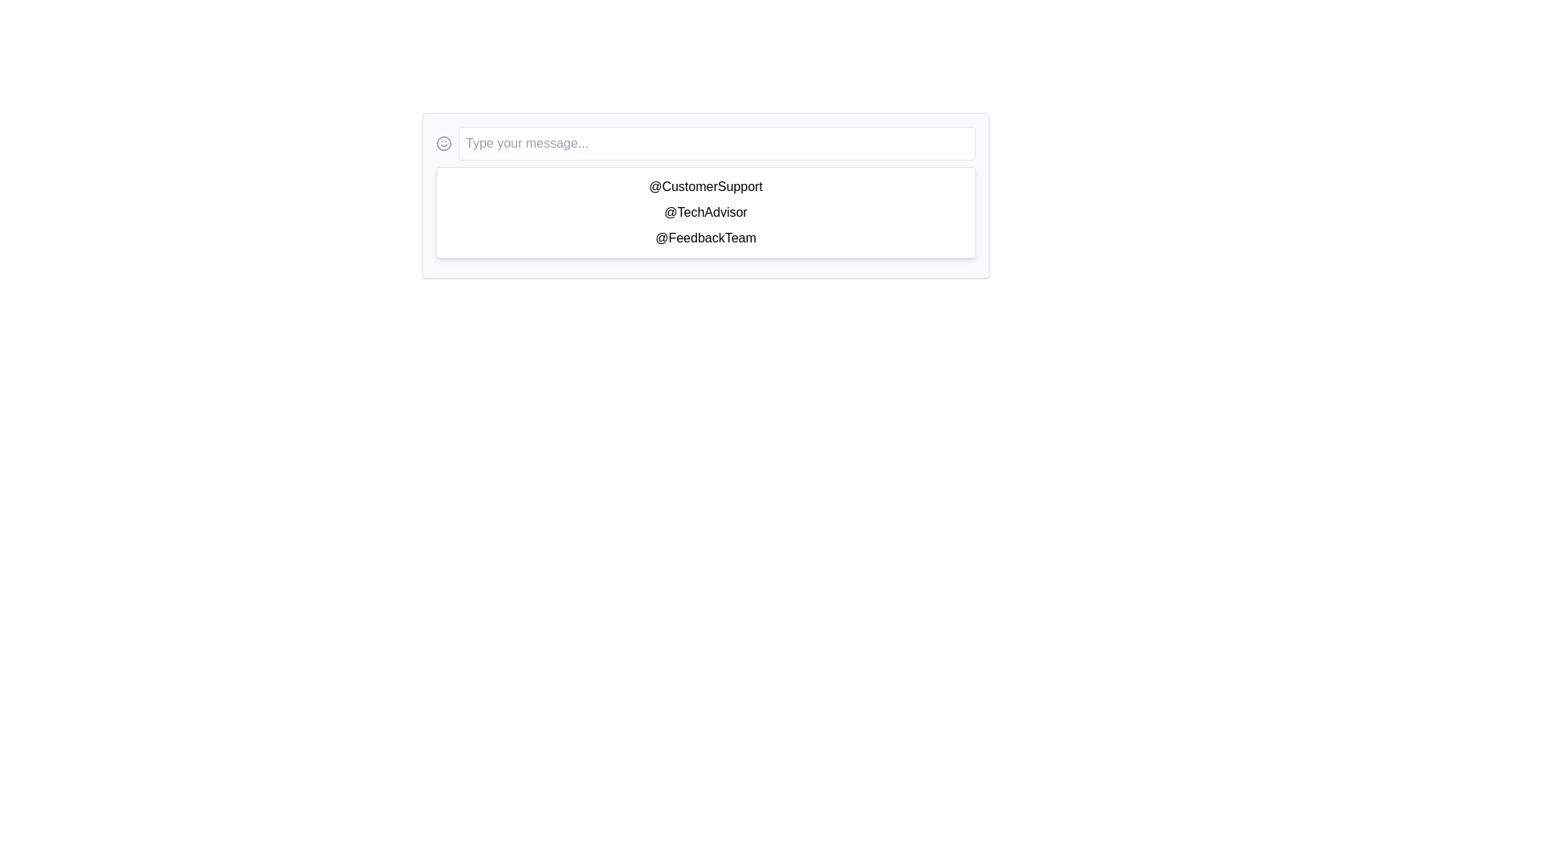 The width and height of the screenshot is (1542, 867). I want to click on the '@' mention in the list item that appears below the 'Type your message...' input field, so click(705, 194).